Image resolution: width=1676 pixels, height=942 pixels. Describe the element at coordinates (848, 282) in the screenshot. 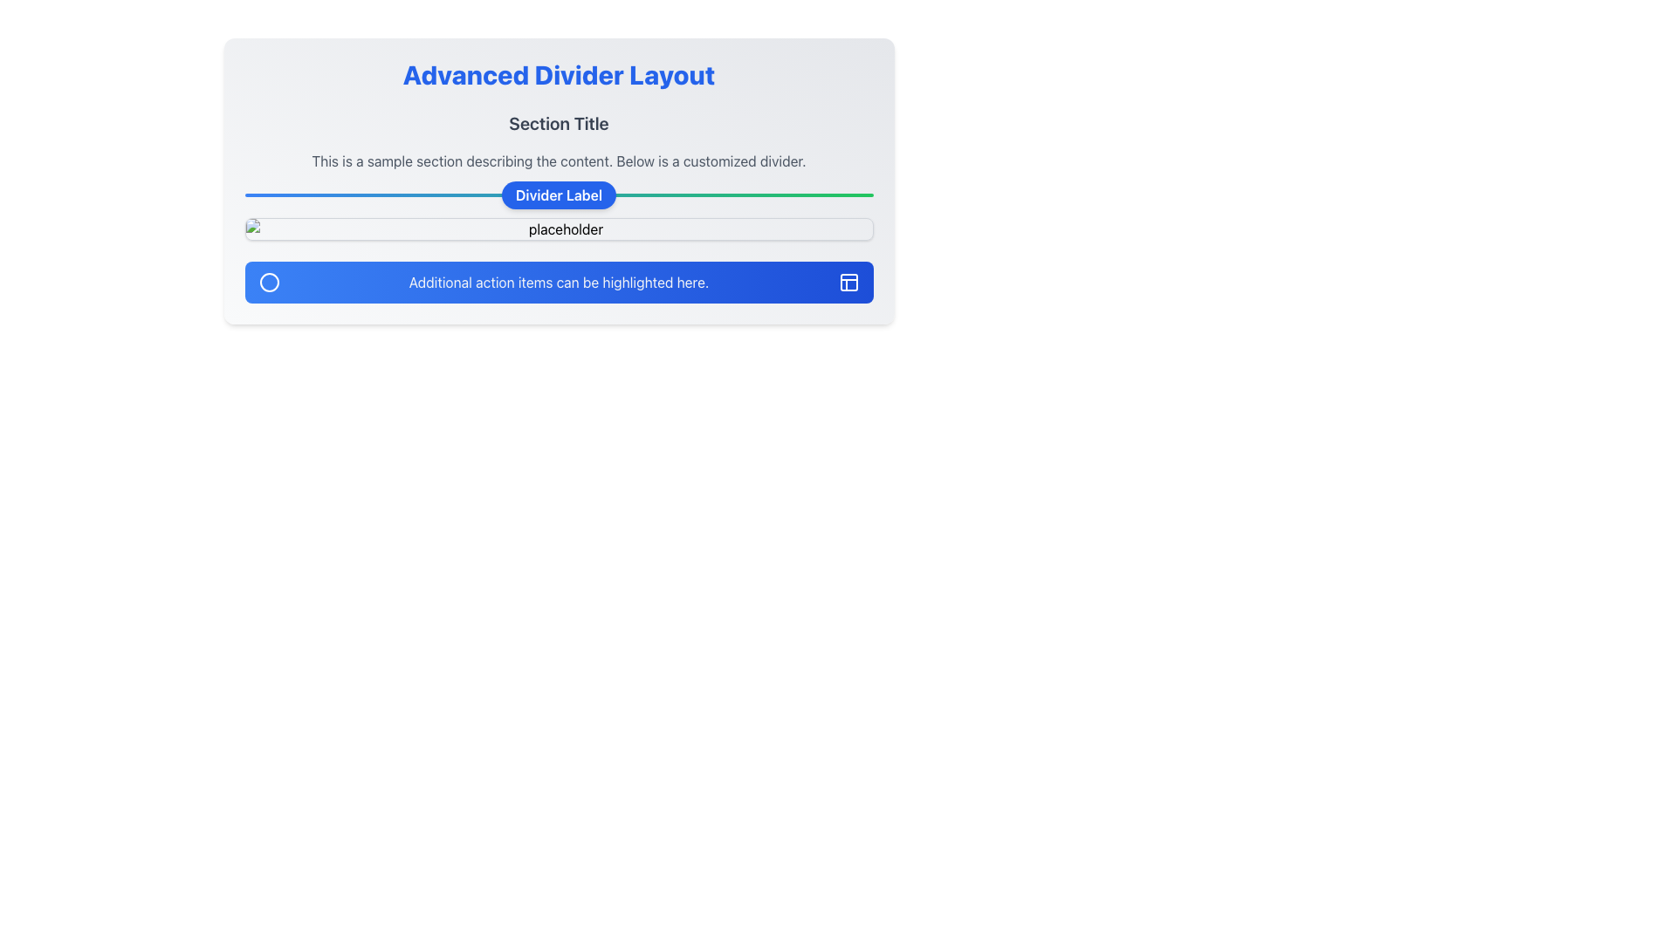

I see `the upper-left square of the segmented graphic icon within the blue button located at the bottom-right of the layout` at that location.